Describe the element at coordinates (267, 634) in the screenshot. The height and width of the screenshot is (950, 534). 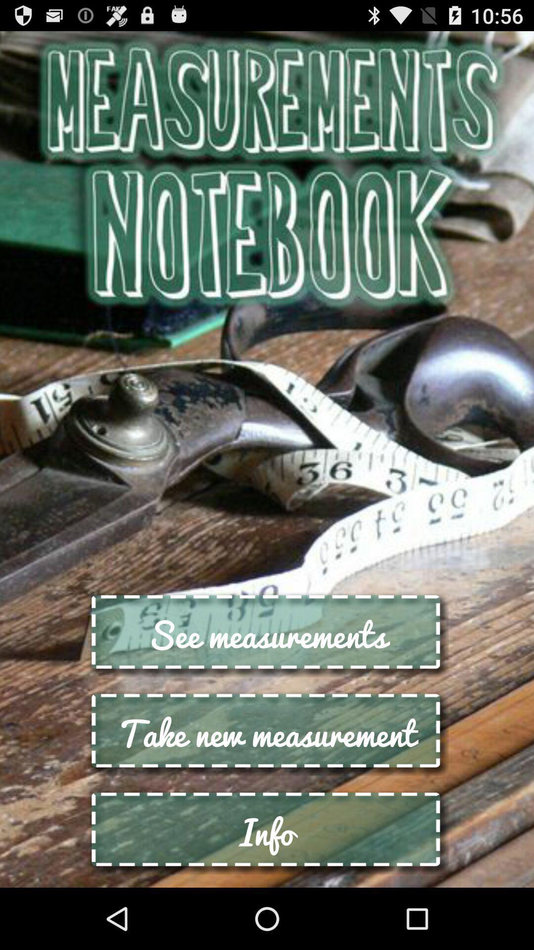
I see `the button above the take new measurement button` at that location.